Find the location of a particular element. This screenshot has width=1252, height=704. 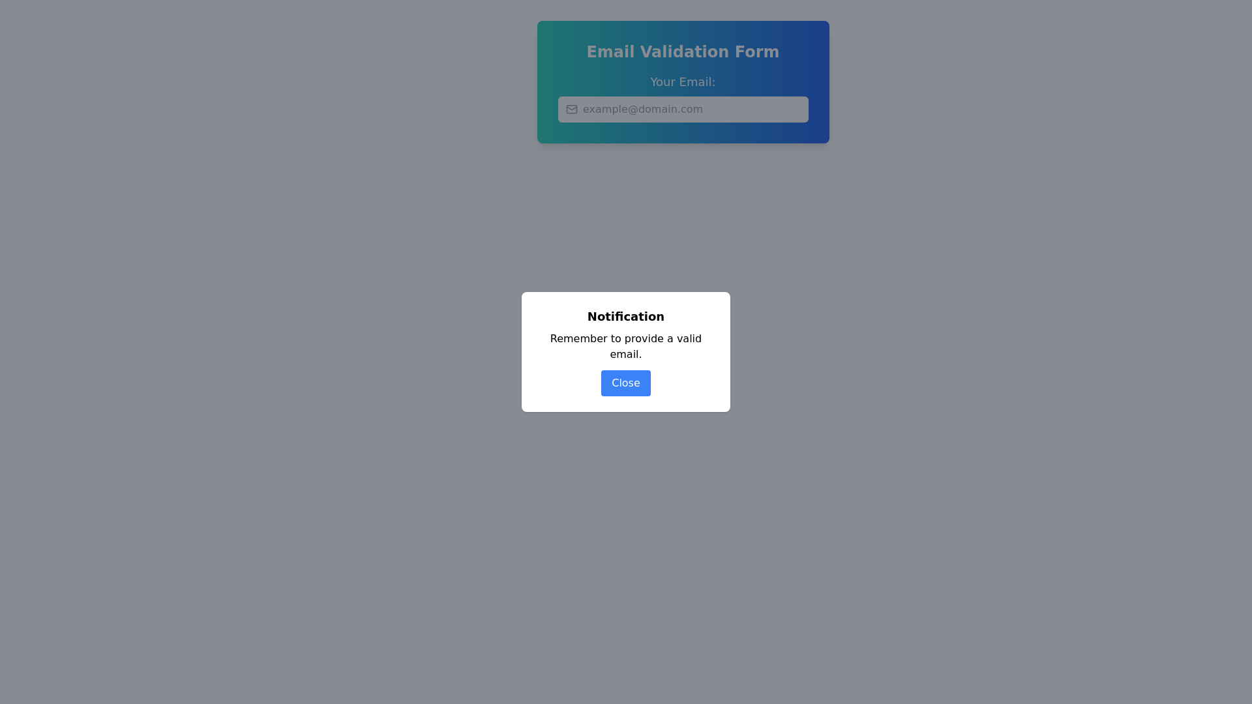

the envelope icon representing the email input field, located to the left of the text input box is located at coordinates (571, 109).